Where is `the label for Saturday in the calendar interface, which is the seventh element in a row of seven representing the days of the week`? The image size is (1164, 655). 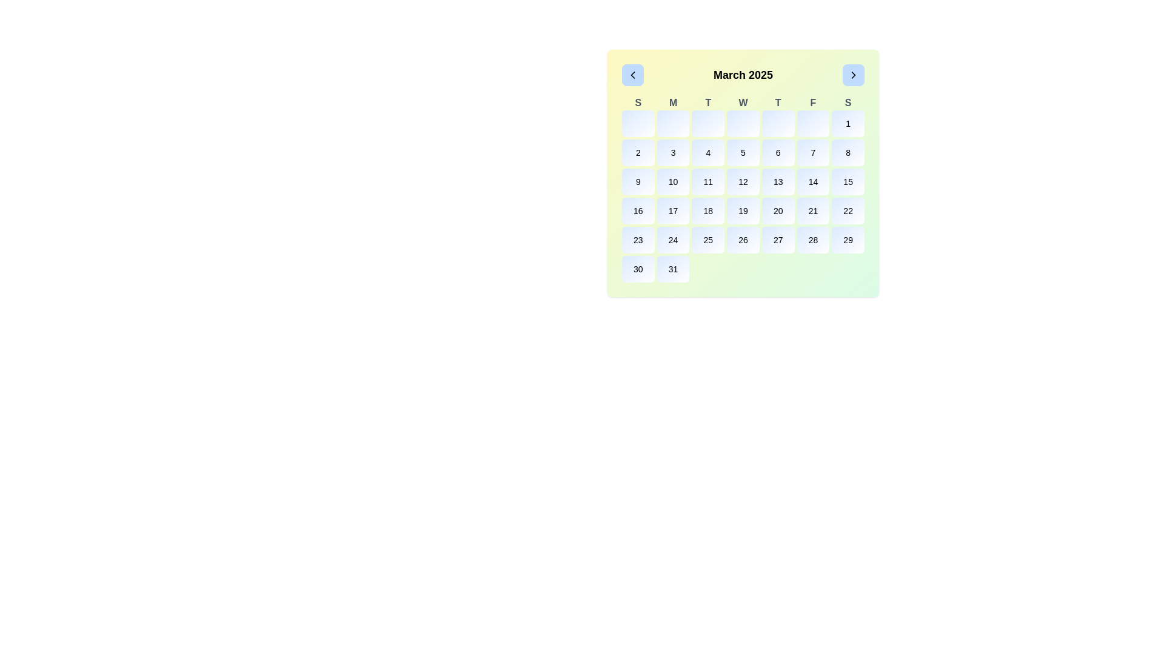 the label for Saturday in the calendar interface, which is the seventh element in a row of seven representing the days of the week is located at coordinates (848, 102).